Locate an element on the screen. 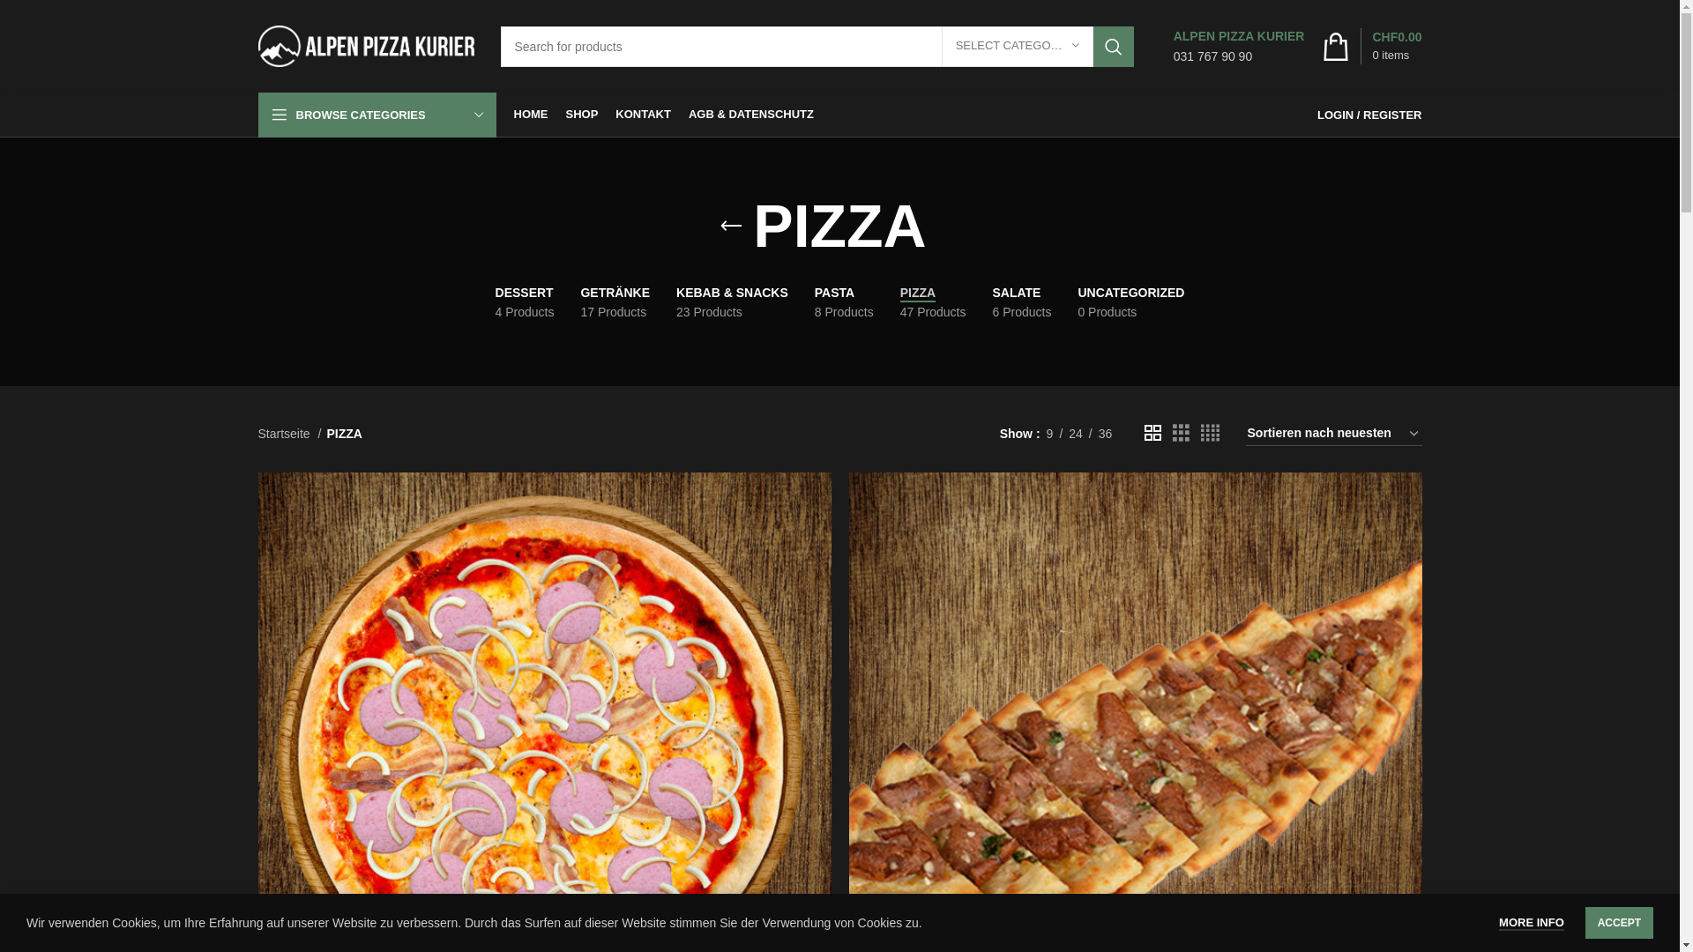  'HOME' is located at coordinates (511, 115).